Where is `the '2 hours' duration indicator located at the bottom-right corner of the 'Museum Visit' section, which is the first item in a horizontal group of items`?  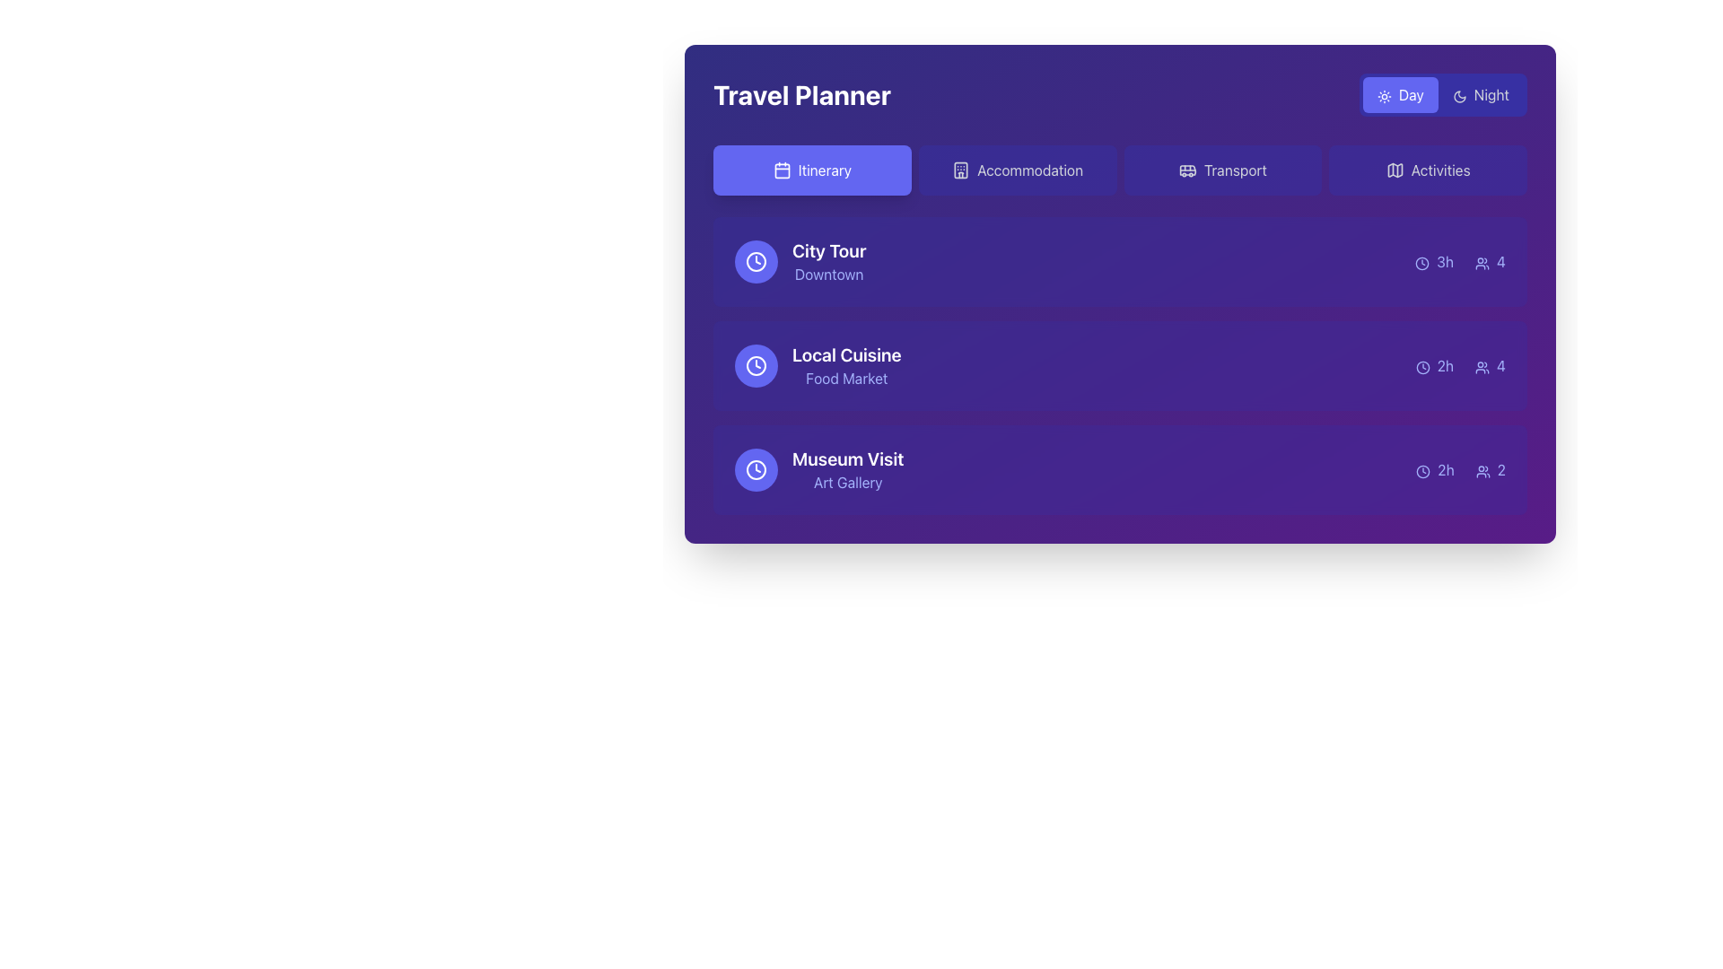
the '2 hours' duration indicator located at the bottom-right corner of the 'Museum Visit' section, which is the first item in a horizontal group of items is located at coordinates (1434, 469).